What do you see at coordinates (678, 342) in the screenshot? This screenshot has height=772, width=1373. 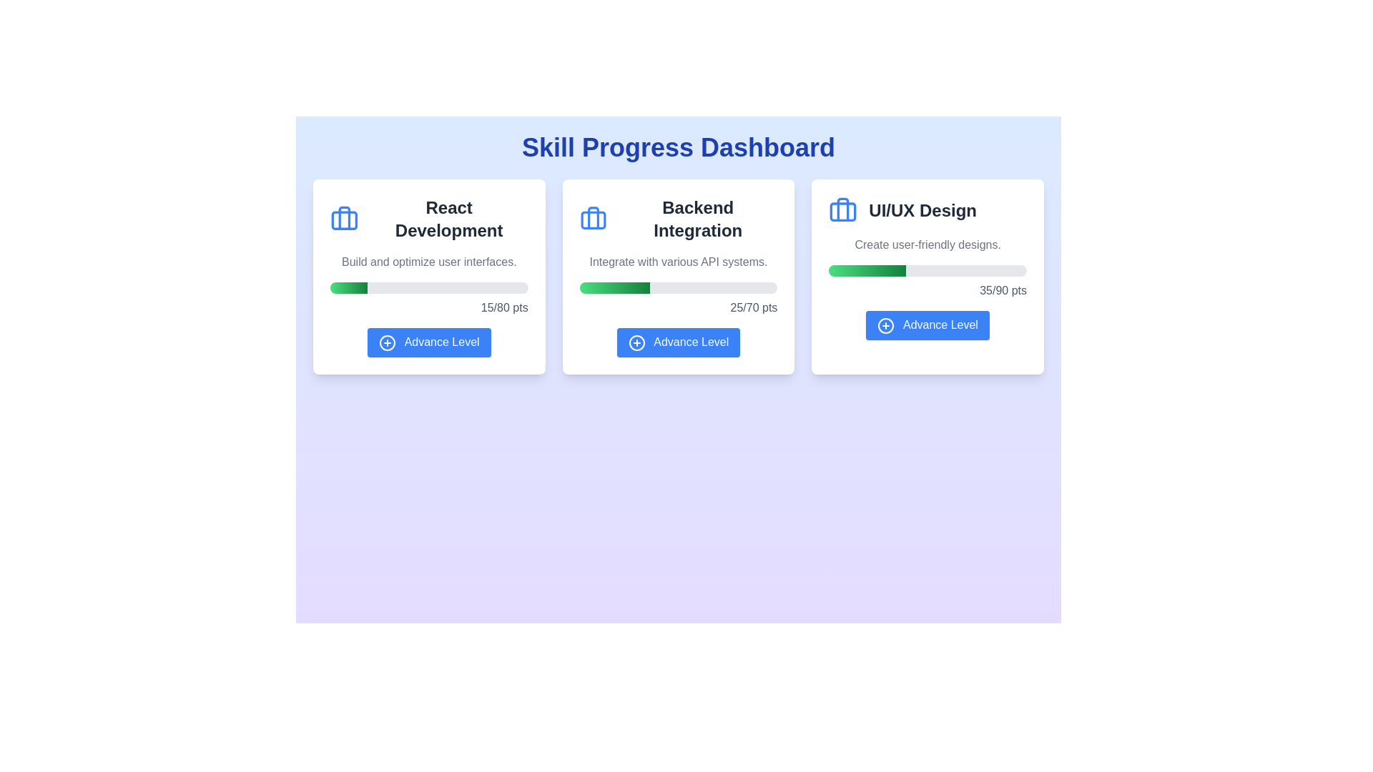 I see `the button located` at bounding box center [678, 342].